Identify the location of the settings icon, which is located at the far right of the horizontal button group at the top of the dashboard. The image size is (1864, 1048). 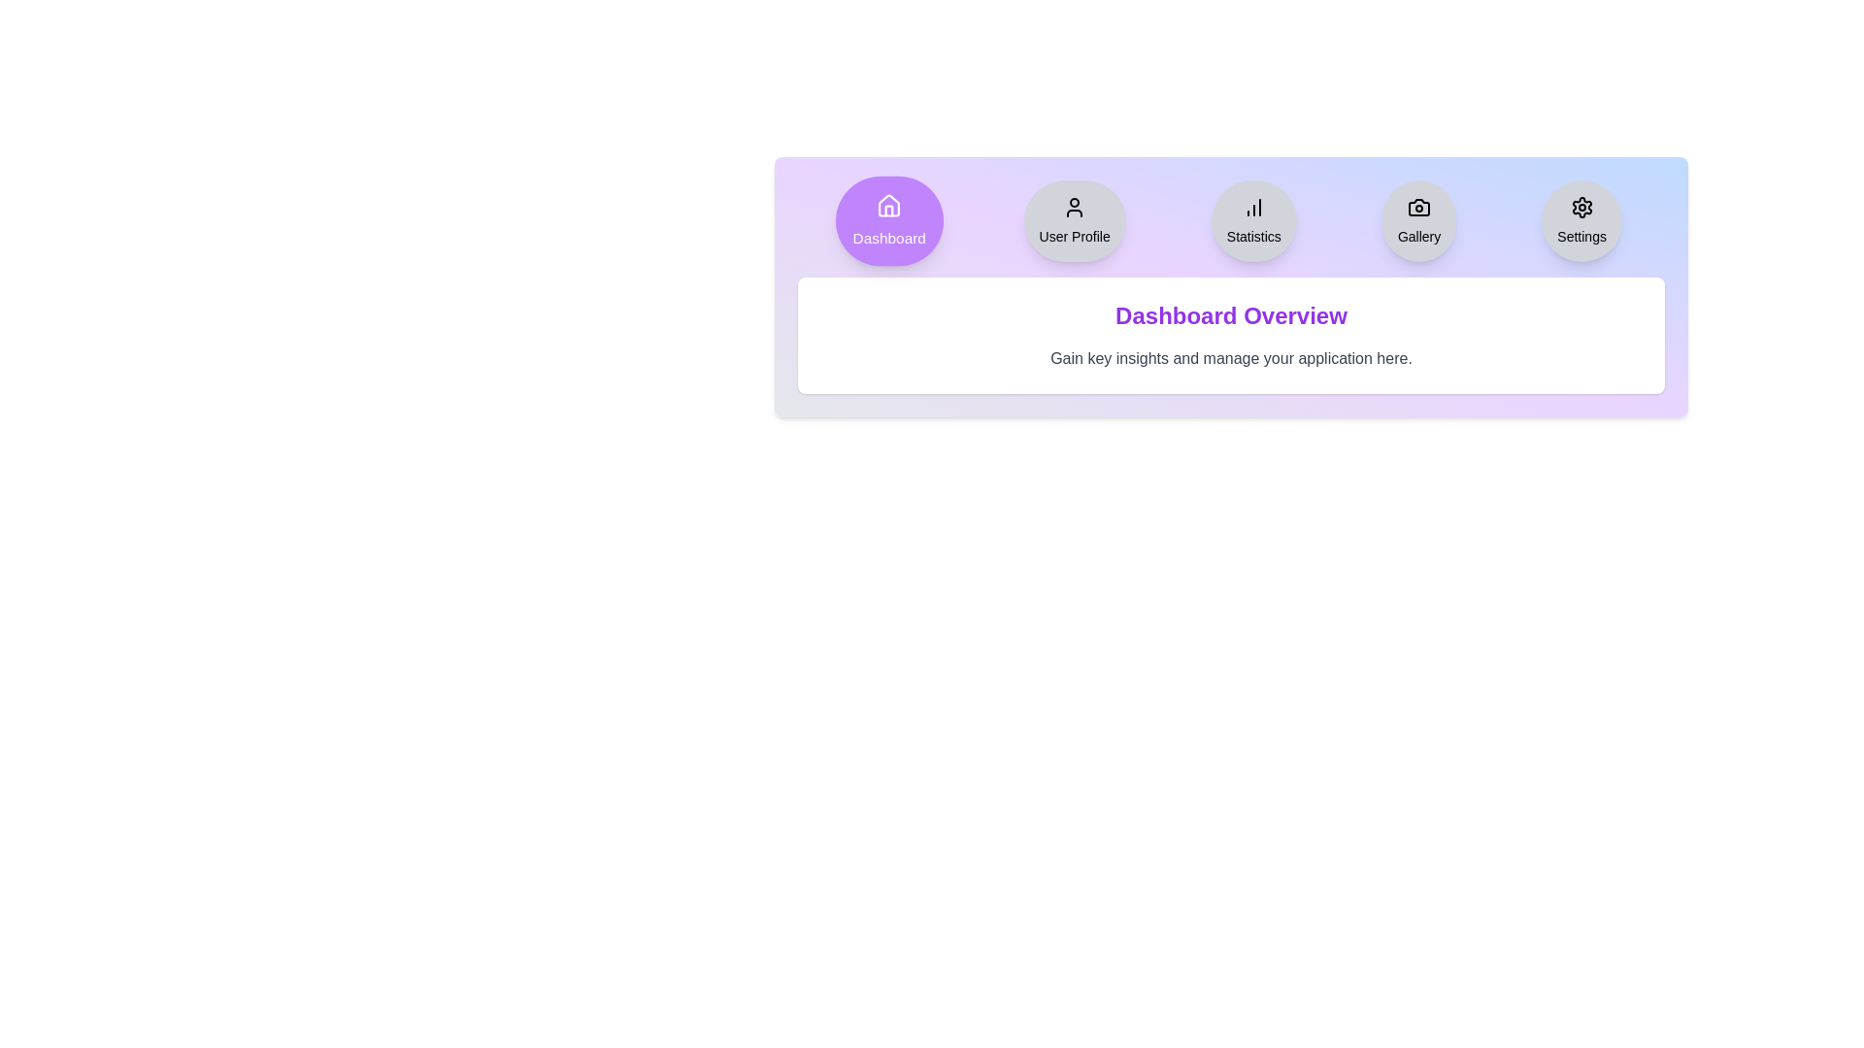
(1581, 207).